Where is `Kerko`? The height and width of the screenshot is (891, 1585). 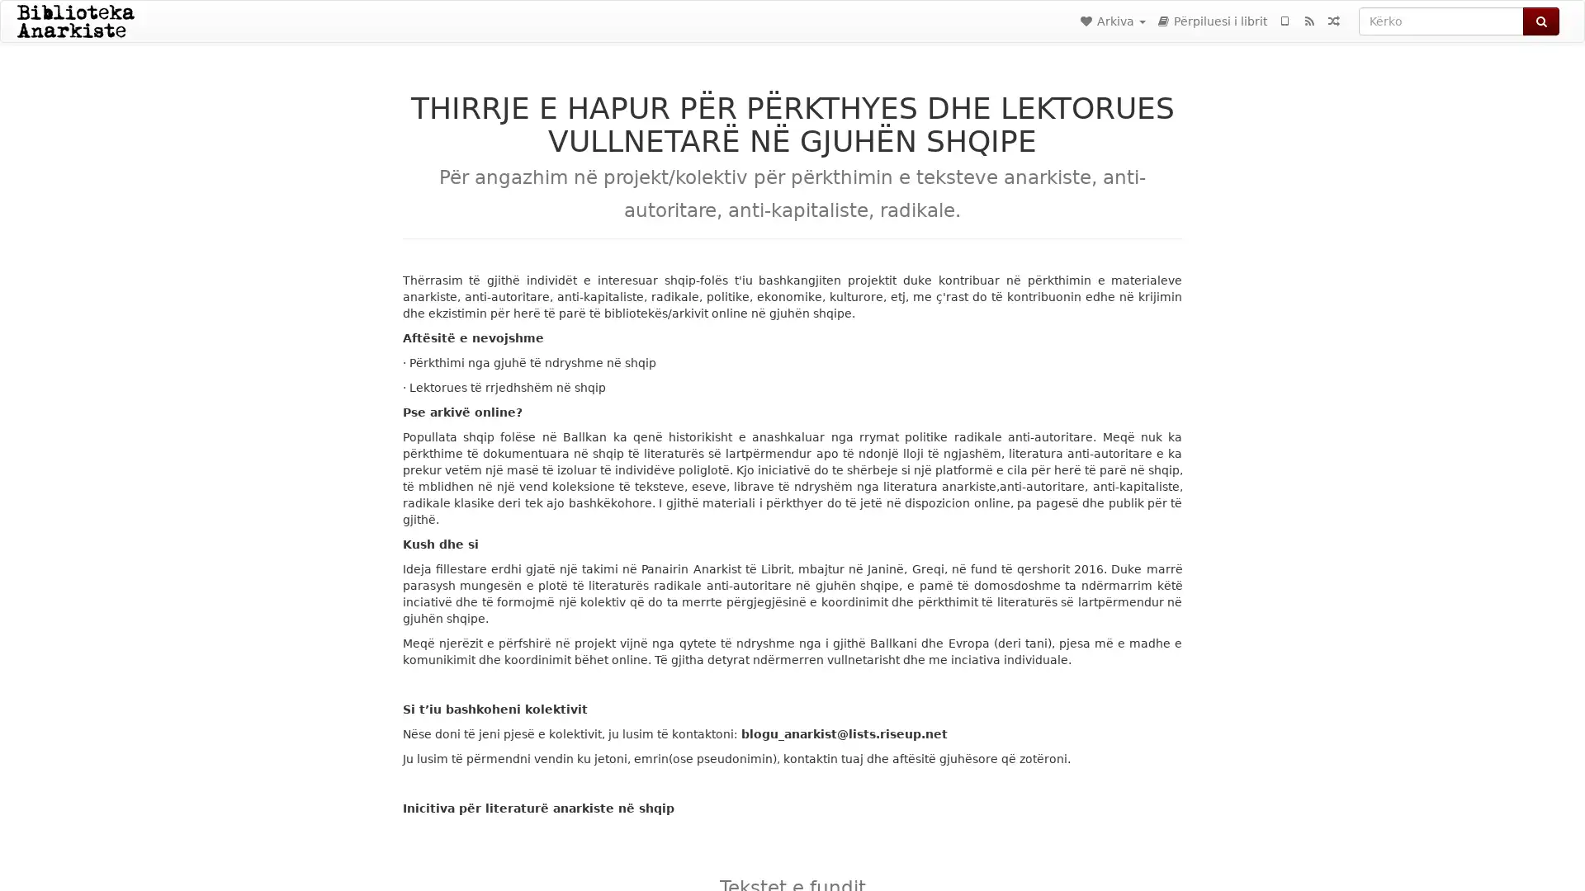 Kerko is located at coordinates (1540, 21).